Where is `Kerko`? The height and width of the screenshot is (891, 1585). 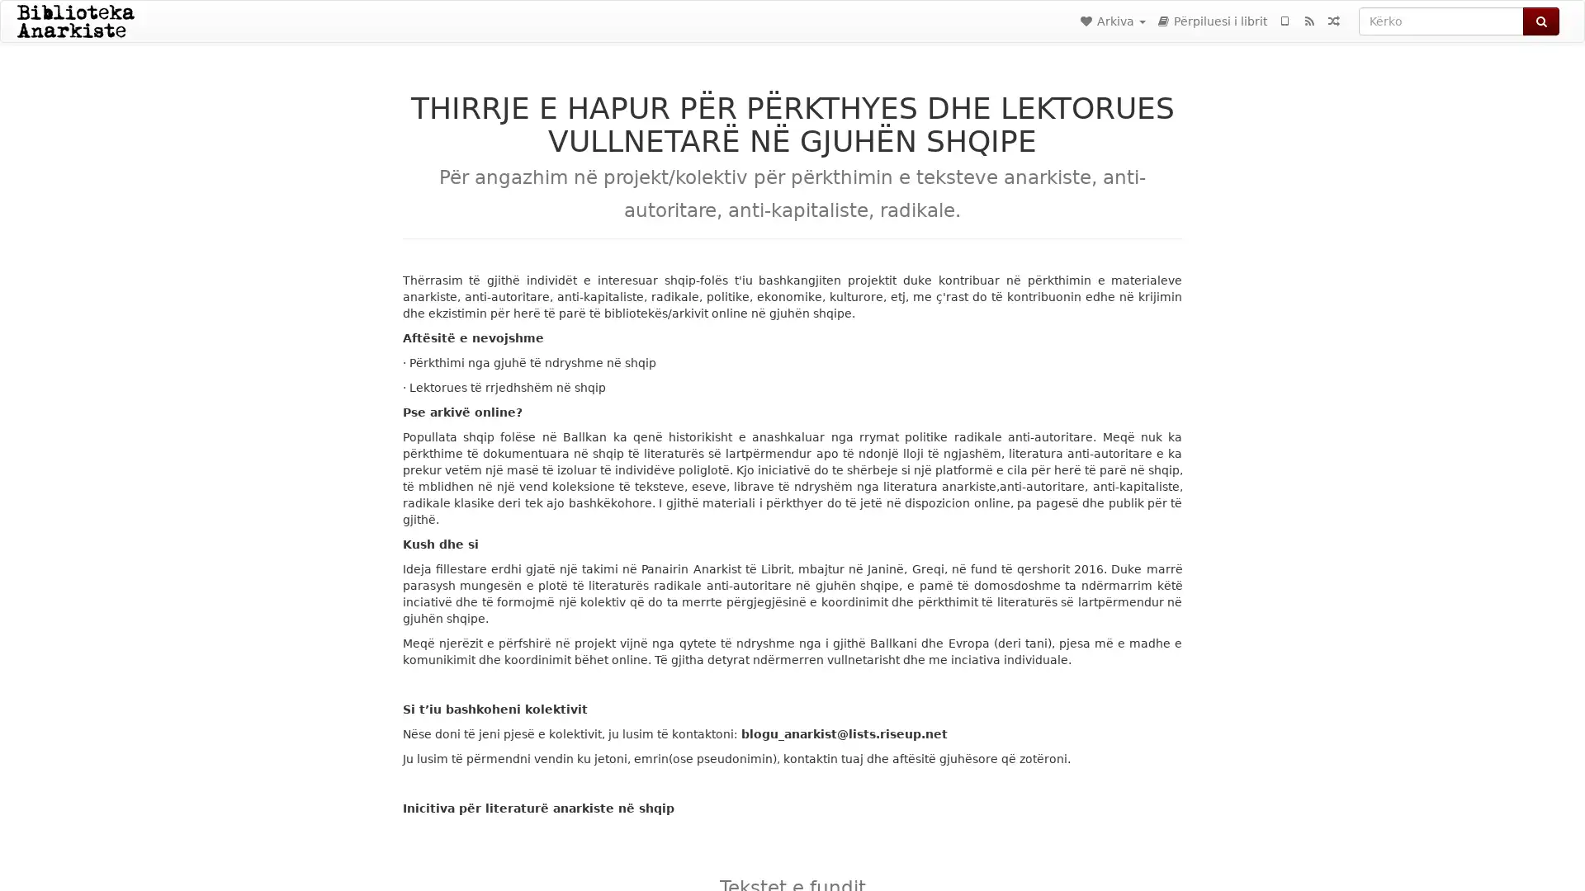 Kerko is located at coordinates (1540, 21).